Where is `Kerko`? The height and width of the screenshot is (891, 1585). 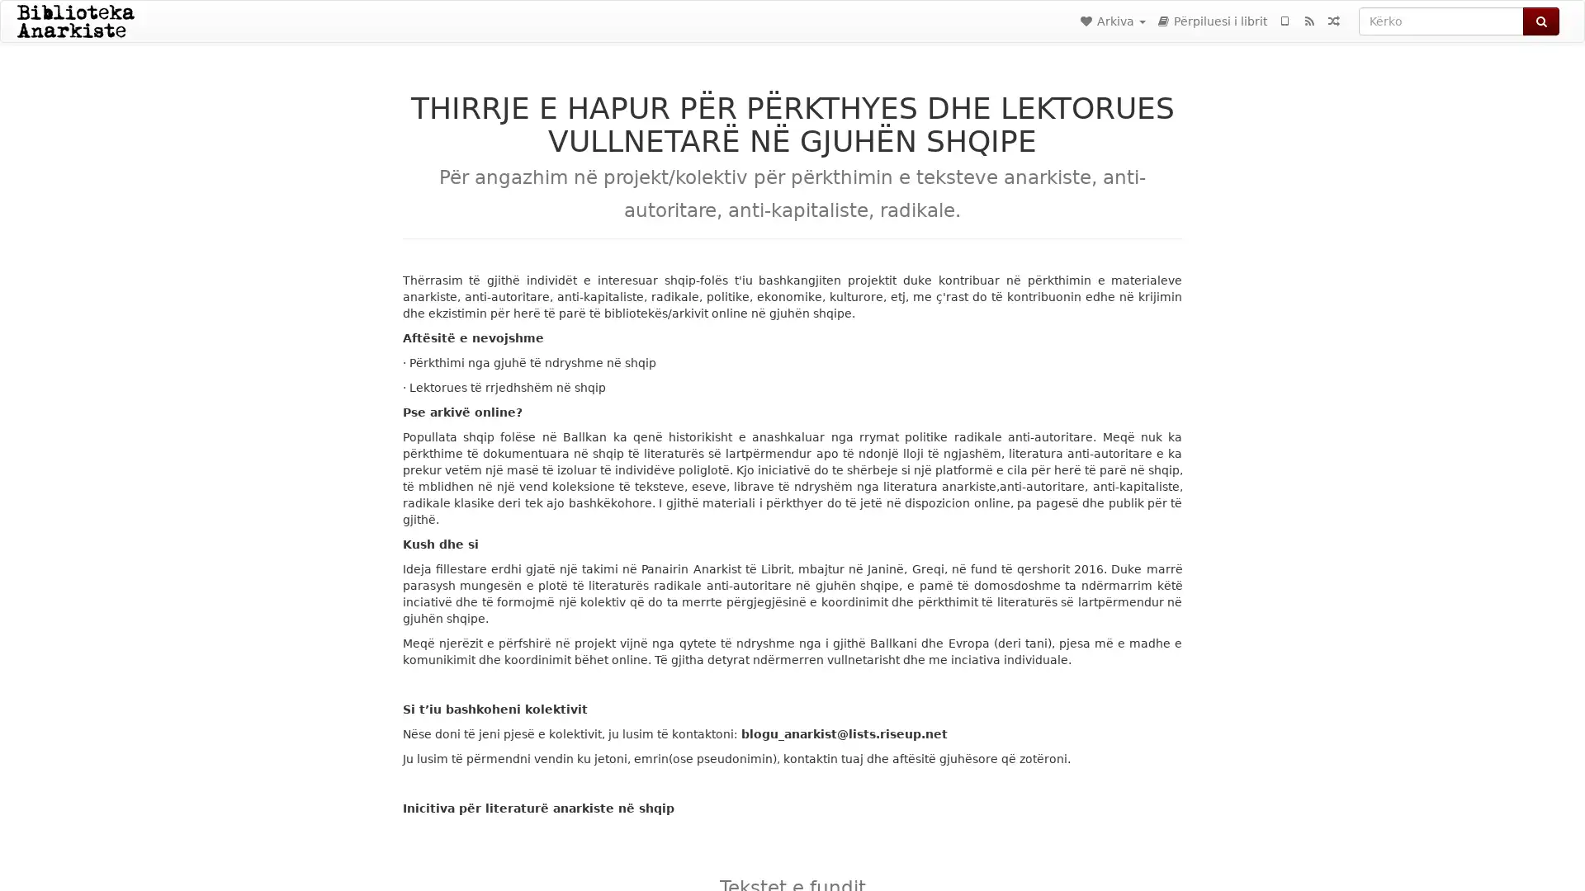 Kerko is located at coordinates (1540, 21).